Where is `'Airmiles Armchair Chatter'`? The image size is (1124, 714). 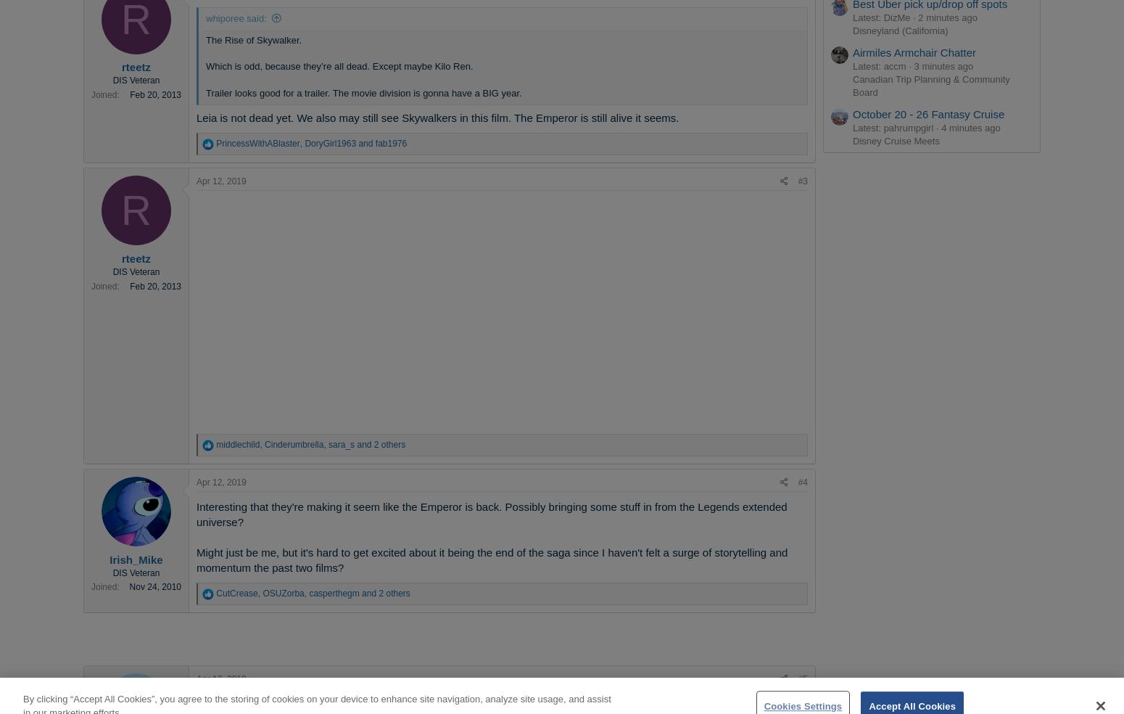
'Airmiles Armchair Chatter' is located at coordinates (852, 51).